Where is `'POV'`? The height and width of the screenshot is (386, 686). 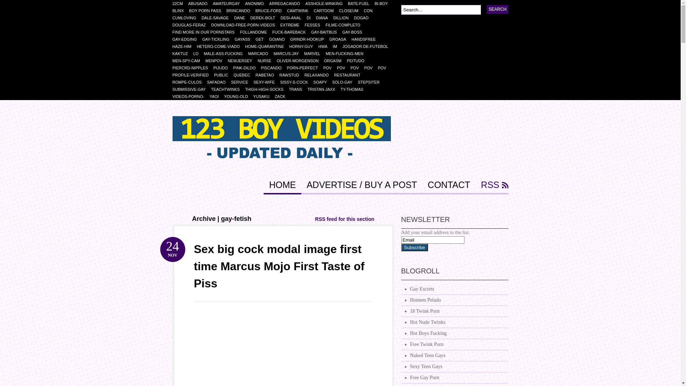 'POV' is located at coordinates (371, 68).